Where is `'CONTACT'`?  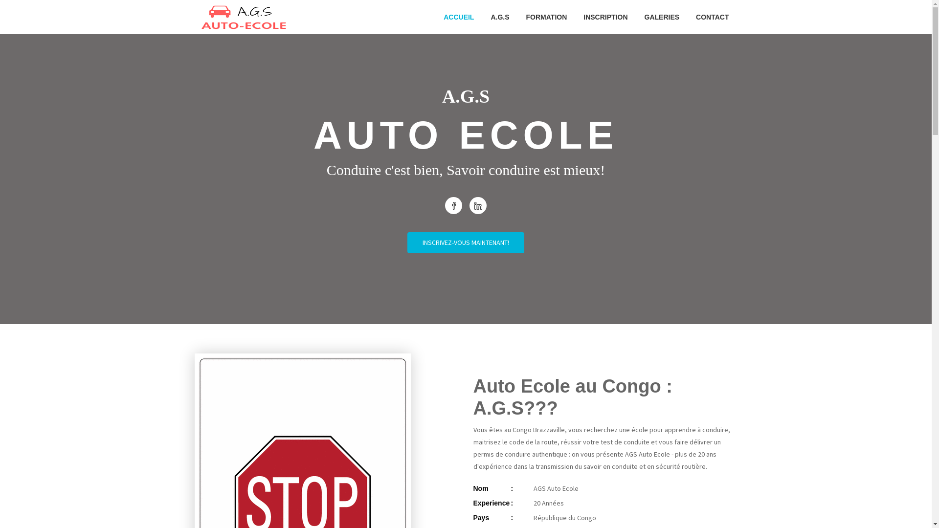
'CONTACT' is located at coordinates (712, 17).